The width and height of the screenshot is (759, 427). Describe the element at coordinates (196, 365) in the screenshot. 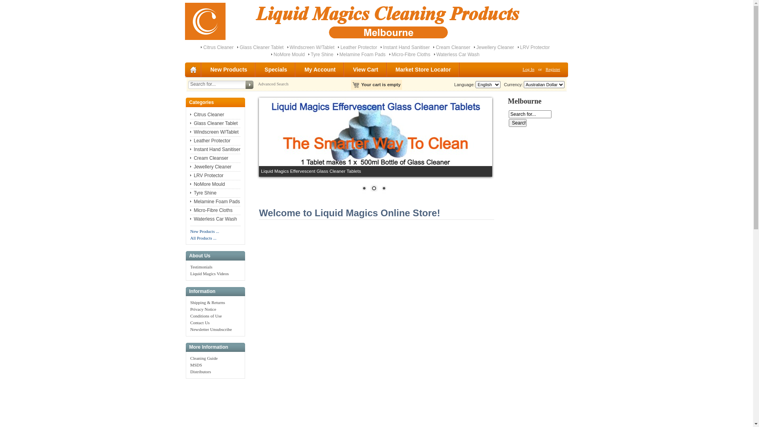

I see `'MSDS'` at that location.